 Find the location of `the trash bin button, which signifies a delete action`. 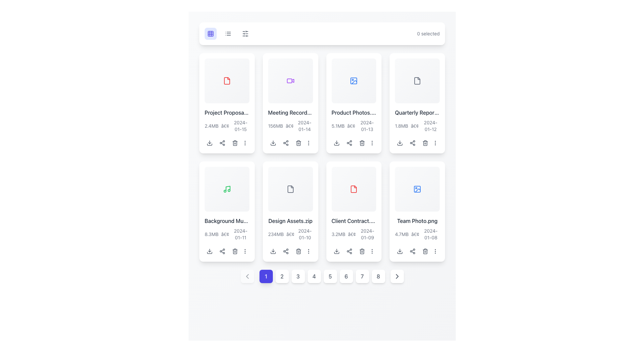

the trash bin button, which signifies a delete action is located at coordinates (298, 142).